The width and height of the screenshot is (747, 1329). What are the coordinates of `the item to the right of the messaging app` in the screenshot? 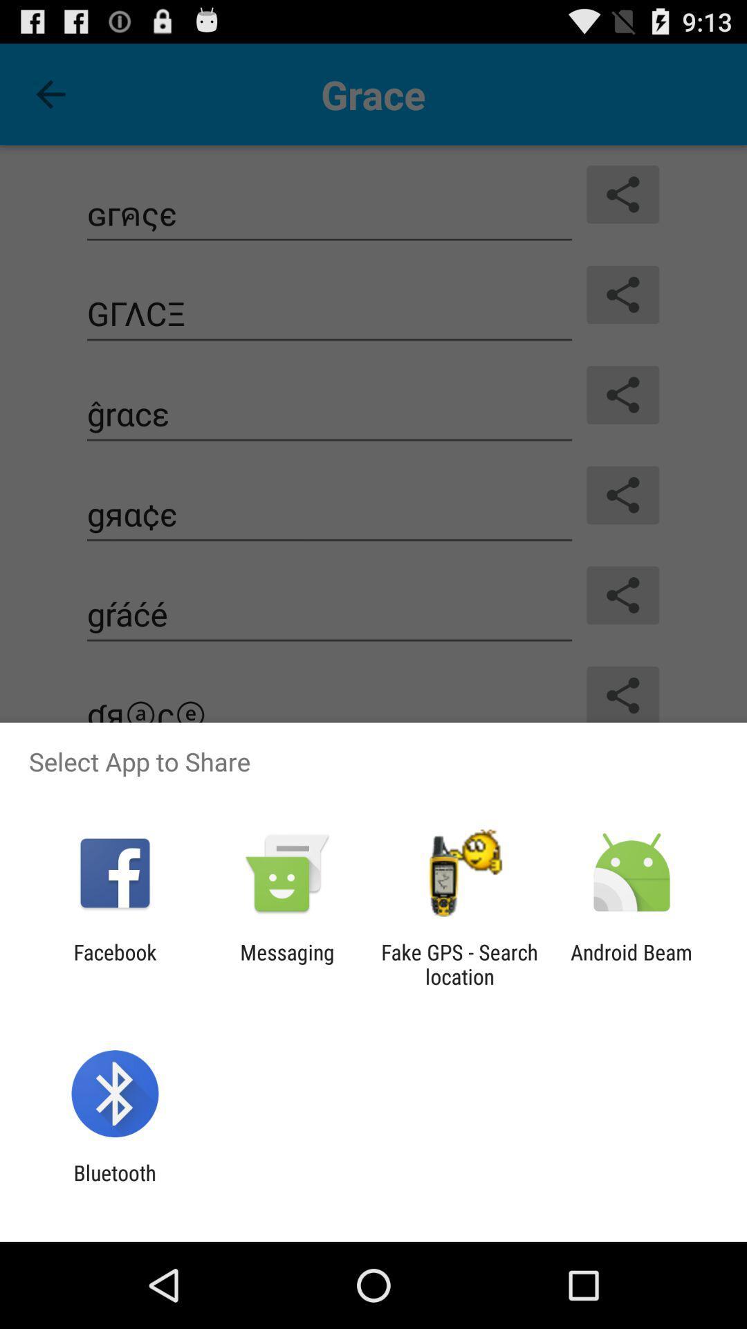 It's located at (459, 964).